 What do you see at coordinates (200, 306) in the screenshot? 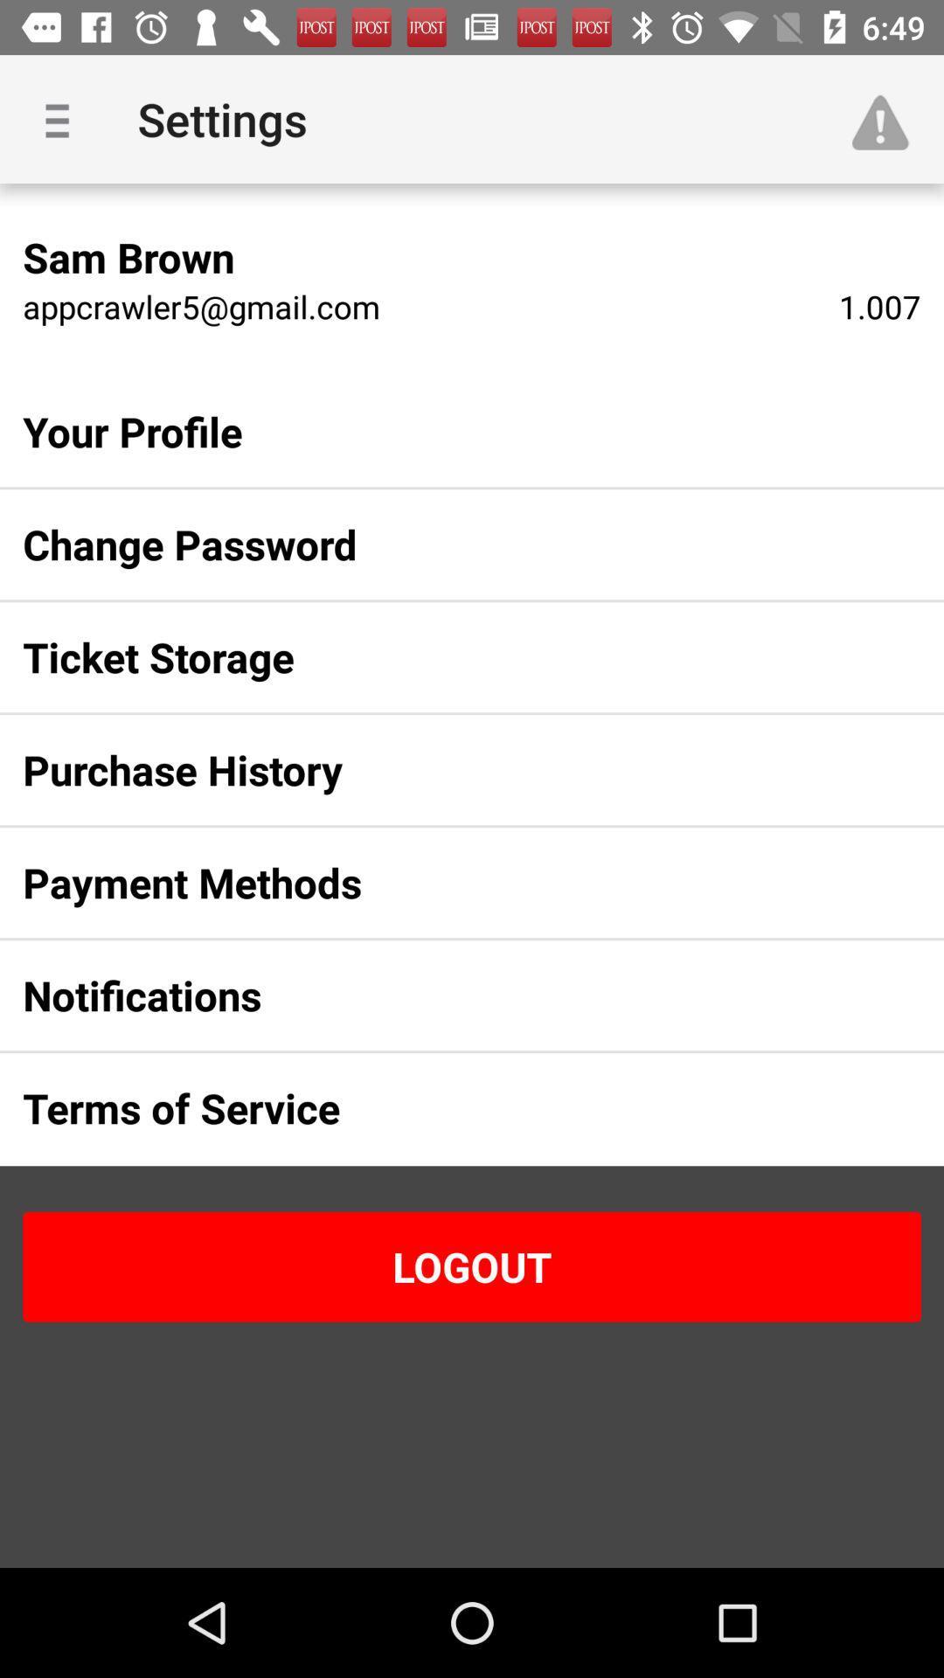
I see `appcrawler5@gmail.com` at bounding box center [200, 306].